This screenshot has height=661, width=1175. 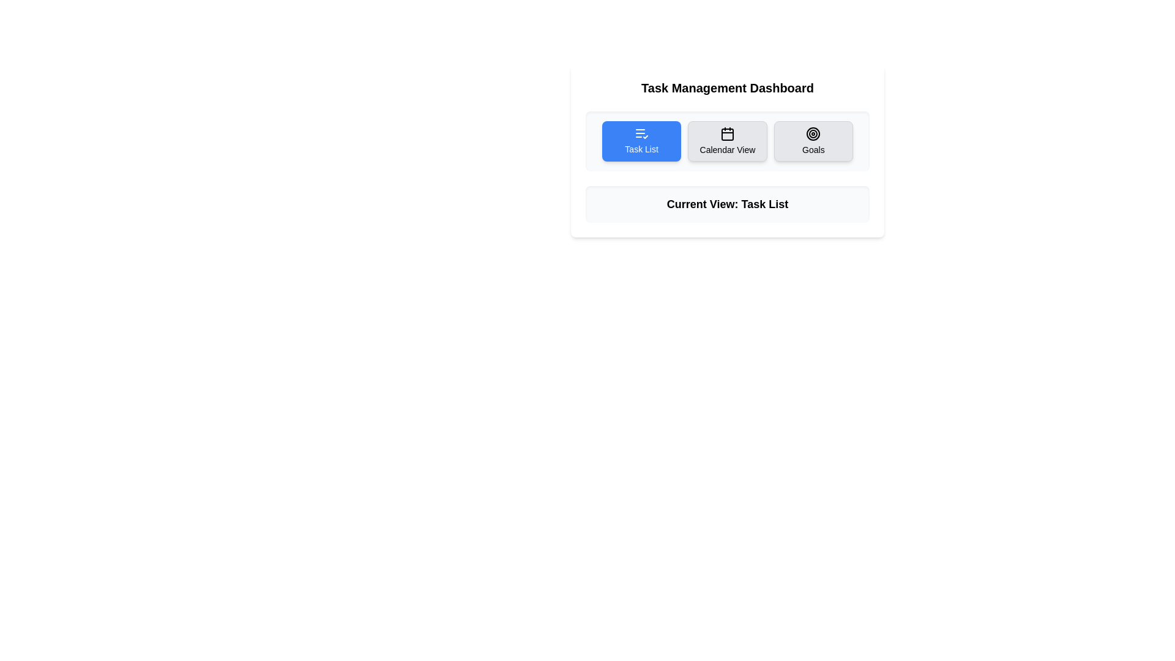 What do you see at coordinates (728, 141) in the screenshot?
I see `the navigation bar containing the buttons 'Task List', 'Calendar View', and 'Goals' for interaction feedback` at bounding box center [728, 141].